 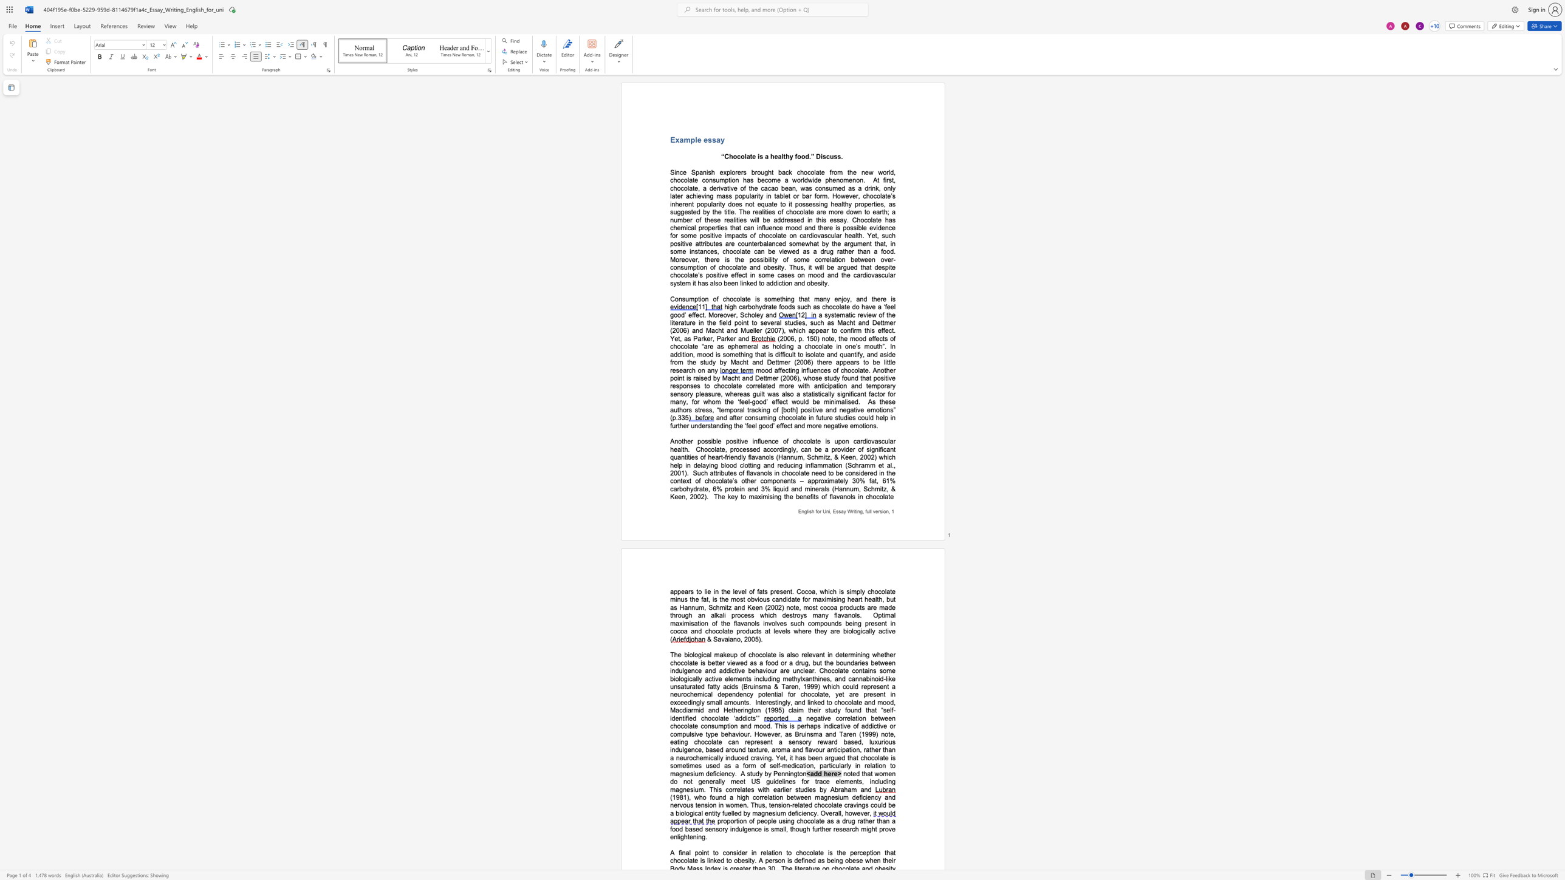 What do you see at coordinates (809, 773) in the screenshot?
I see `the space between the continuous character "<" and "a" in the text` at bounding box center [809, 773].